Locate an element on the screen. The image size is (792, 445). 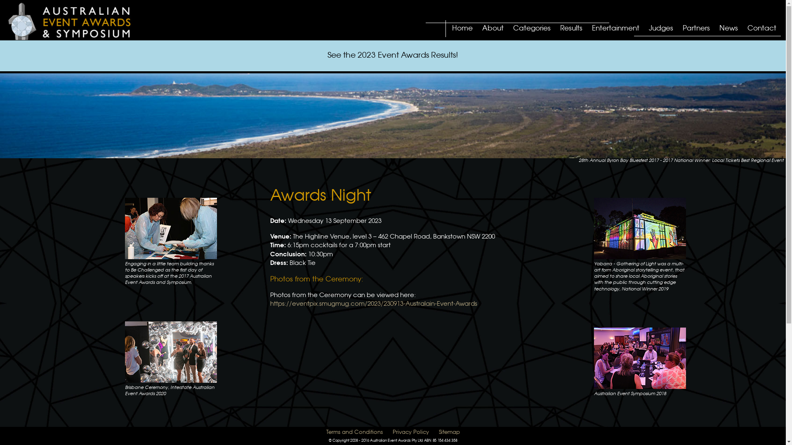
'Partners' is located at coordinates (681, 29).